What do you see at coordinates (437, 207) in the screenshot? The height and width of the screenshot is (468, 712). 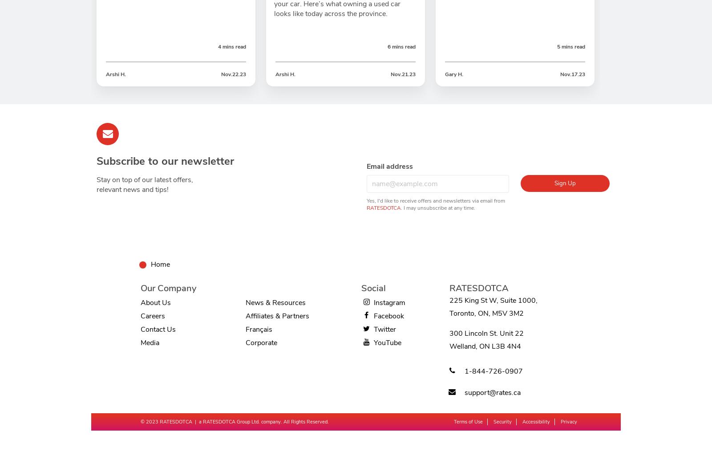 I see `'. I may unsubscribe at any time.'` at bounding box center [437, 207].